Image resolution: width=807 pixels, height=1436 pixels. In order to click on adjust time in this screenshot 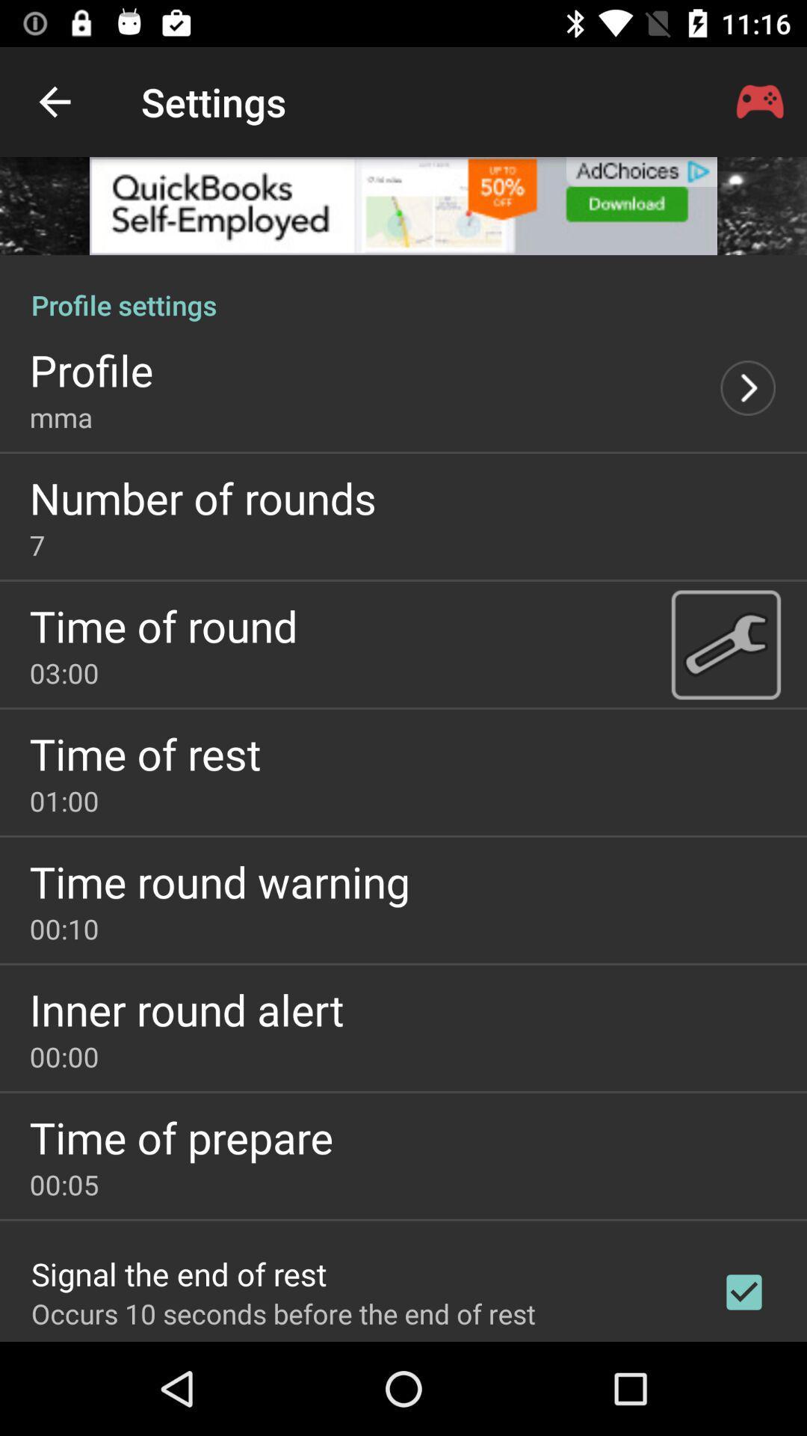, I will do `click(725, 644)`.